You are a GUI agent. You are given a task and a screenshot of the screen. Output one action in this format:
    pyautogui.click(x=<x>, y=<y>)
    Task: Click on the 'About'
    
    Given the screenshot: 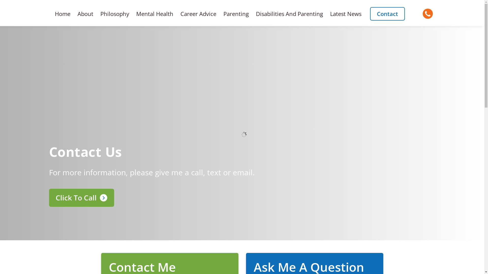 What is the action you would take?
    pyautogui.click(x=85, y=13)
    